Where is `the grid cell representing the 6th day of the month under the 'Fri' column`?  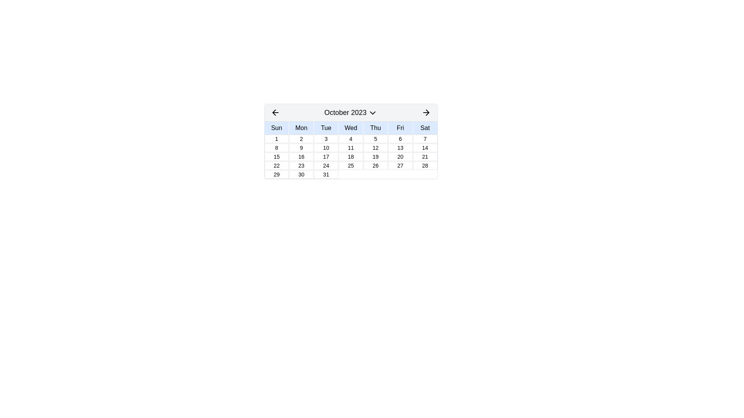
the grid cell representing the 6th day of the month under the 'Fri' column is located at coordinates (400, 138).